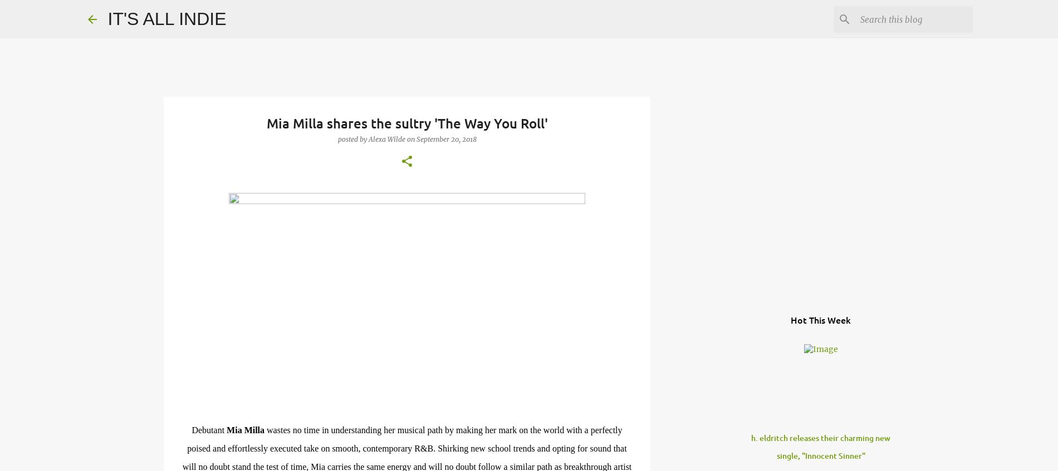 This screenshot has width=1058, height=471. I want to click on 'IT'S ALL INDIE', so click(107, 18).